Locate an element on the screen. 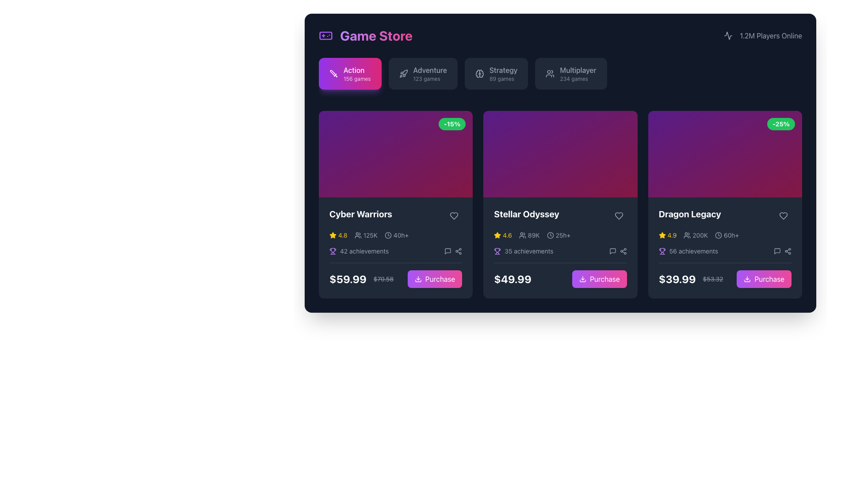 The image size is (849, 477). the yellow star icon and the numerical rating '4.9' in the rating display located at the bottom of the rightmost card is located at coordinates (667, 235).